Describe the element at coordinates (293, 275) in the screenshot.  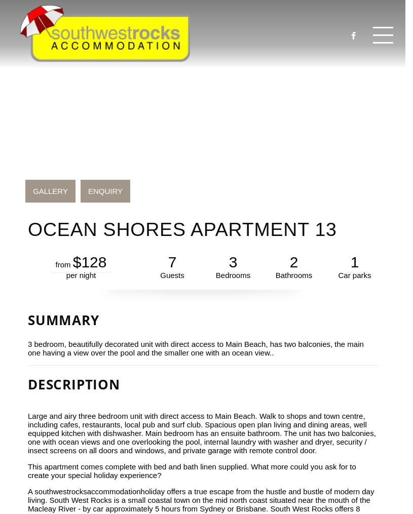
I see `'Bathrooms'` at that location.